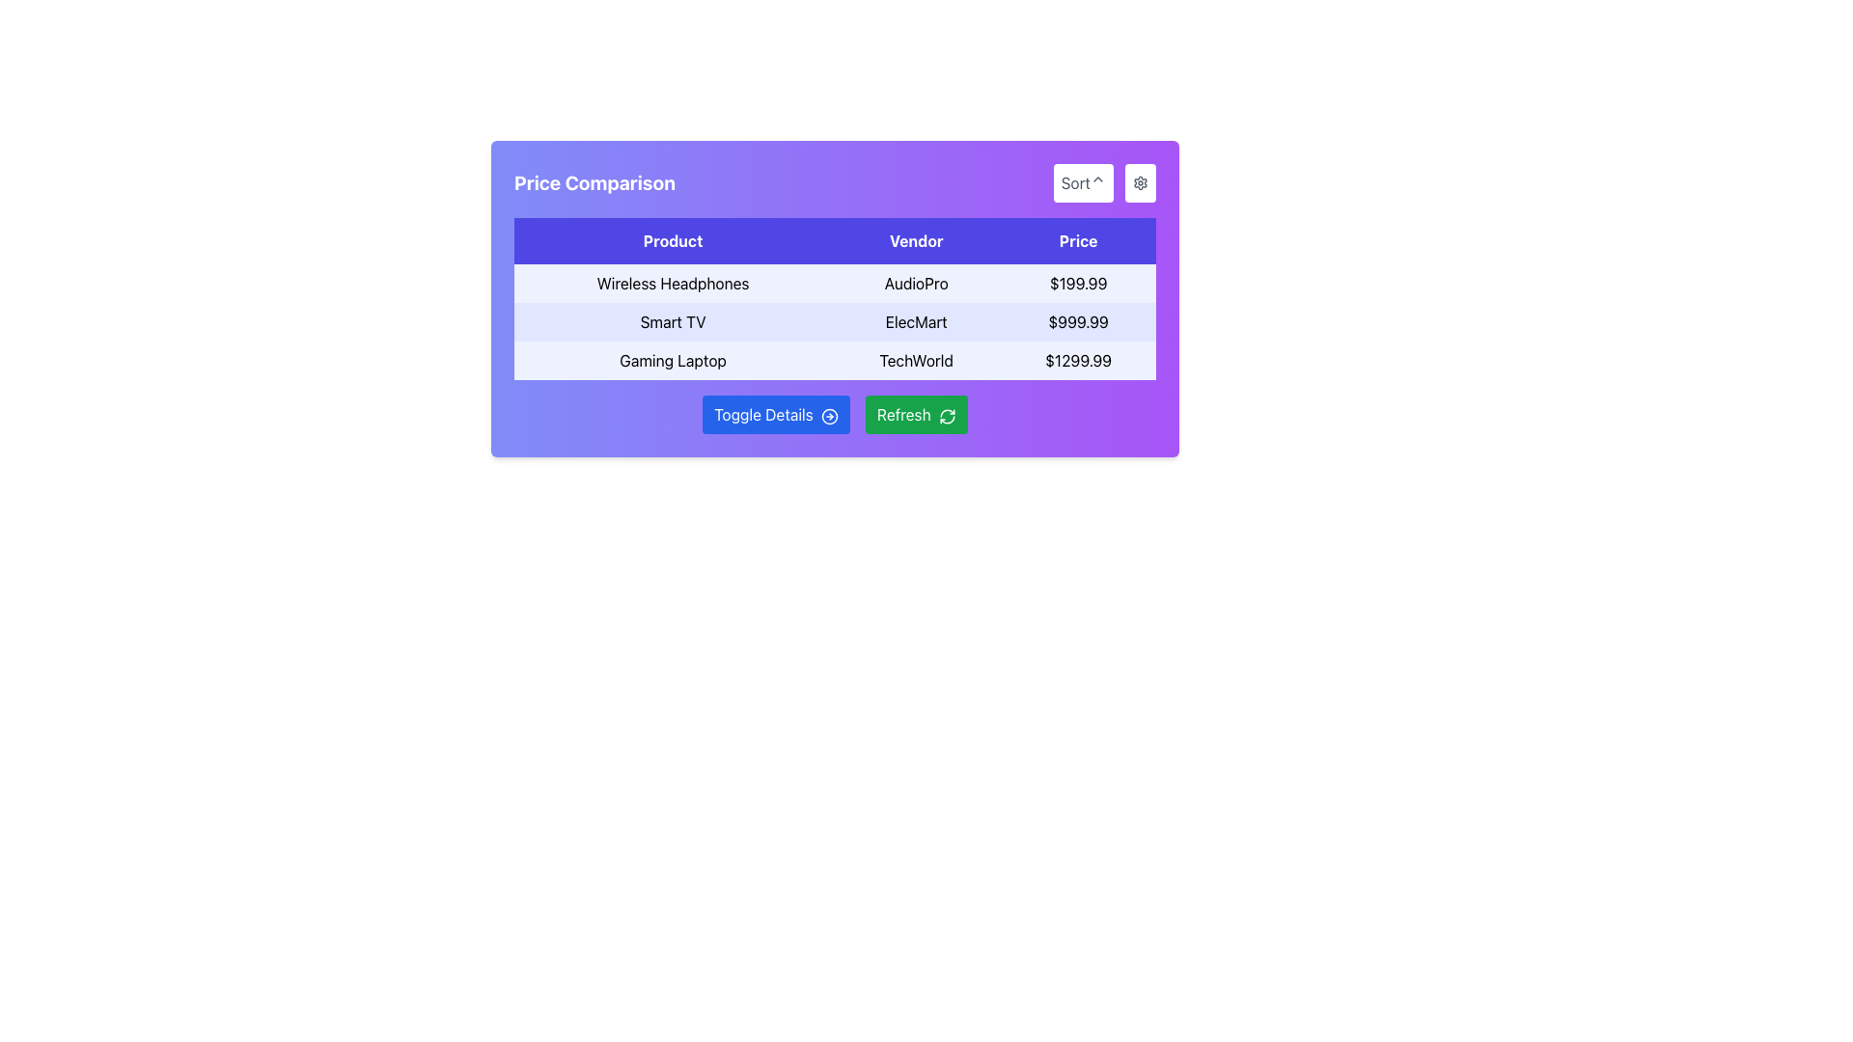 The image size is (1853, 1042). I want to click on to select the first row of the table containing 'Wireless Headphones', 'AudioPro', and '$199.99' with a light indigo background, so click(835, 283).